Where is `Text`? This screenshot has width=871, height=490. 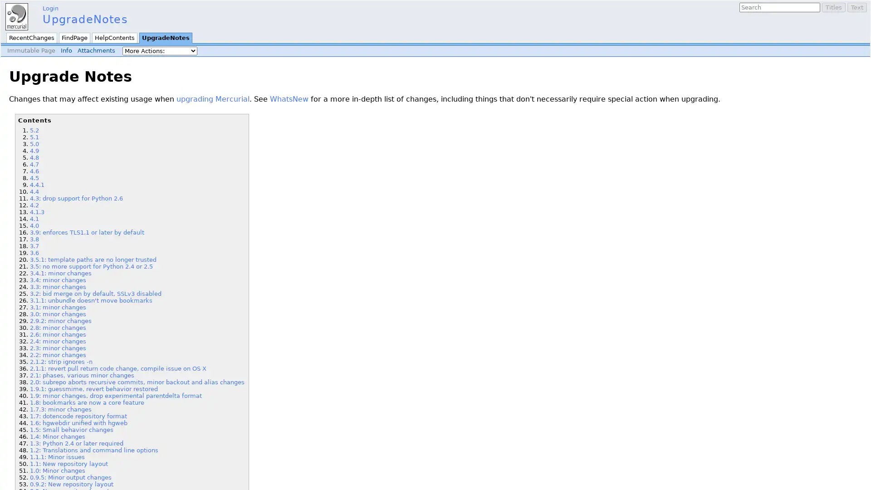
Text is located at coordinates (856, 7).